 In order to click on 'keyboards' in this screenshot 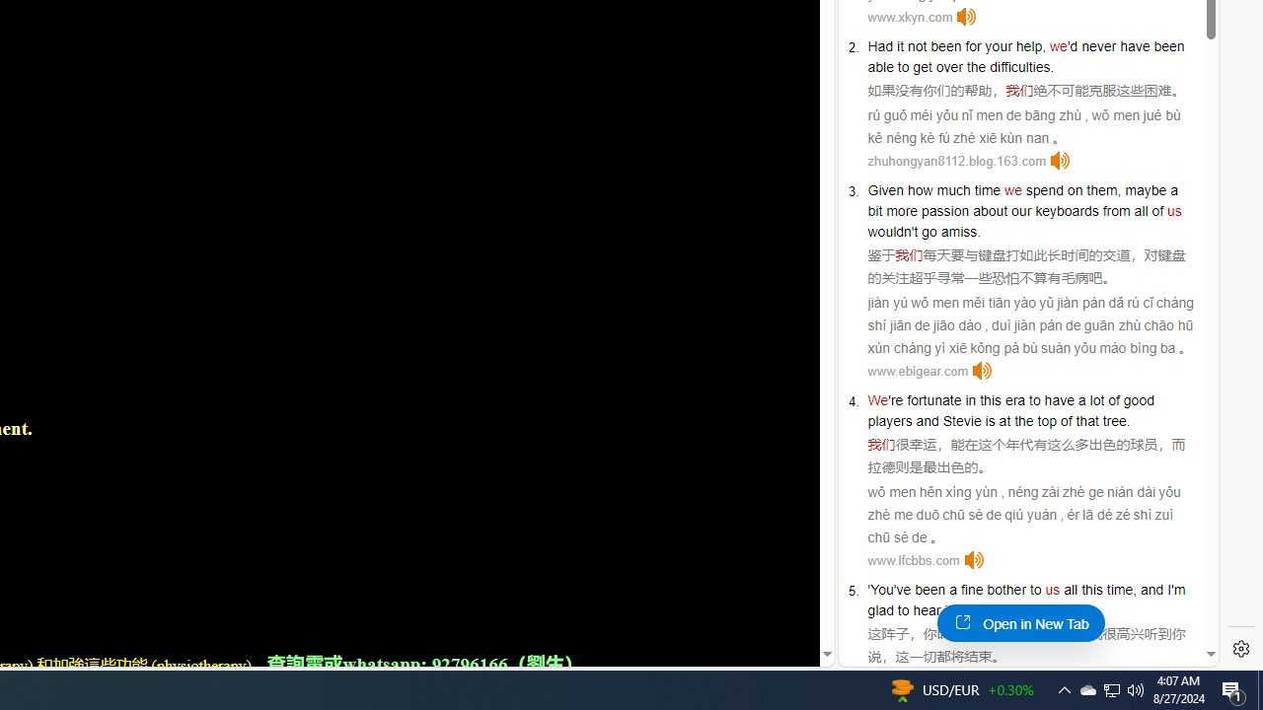, I will do `click(1066, 210)`.